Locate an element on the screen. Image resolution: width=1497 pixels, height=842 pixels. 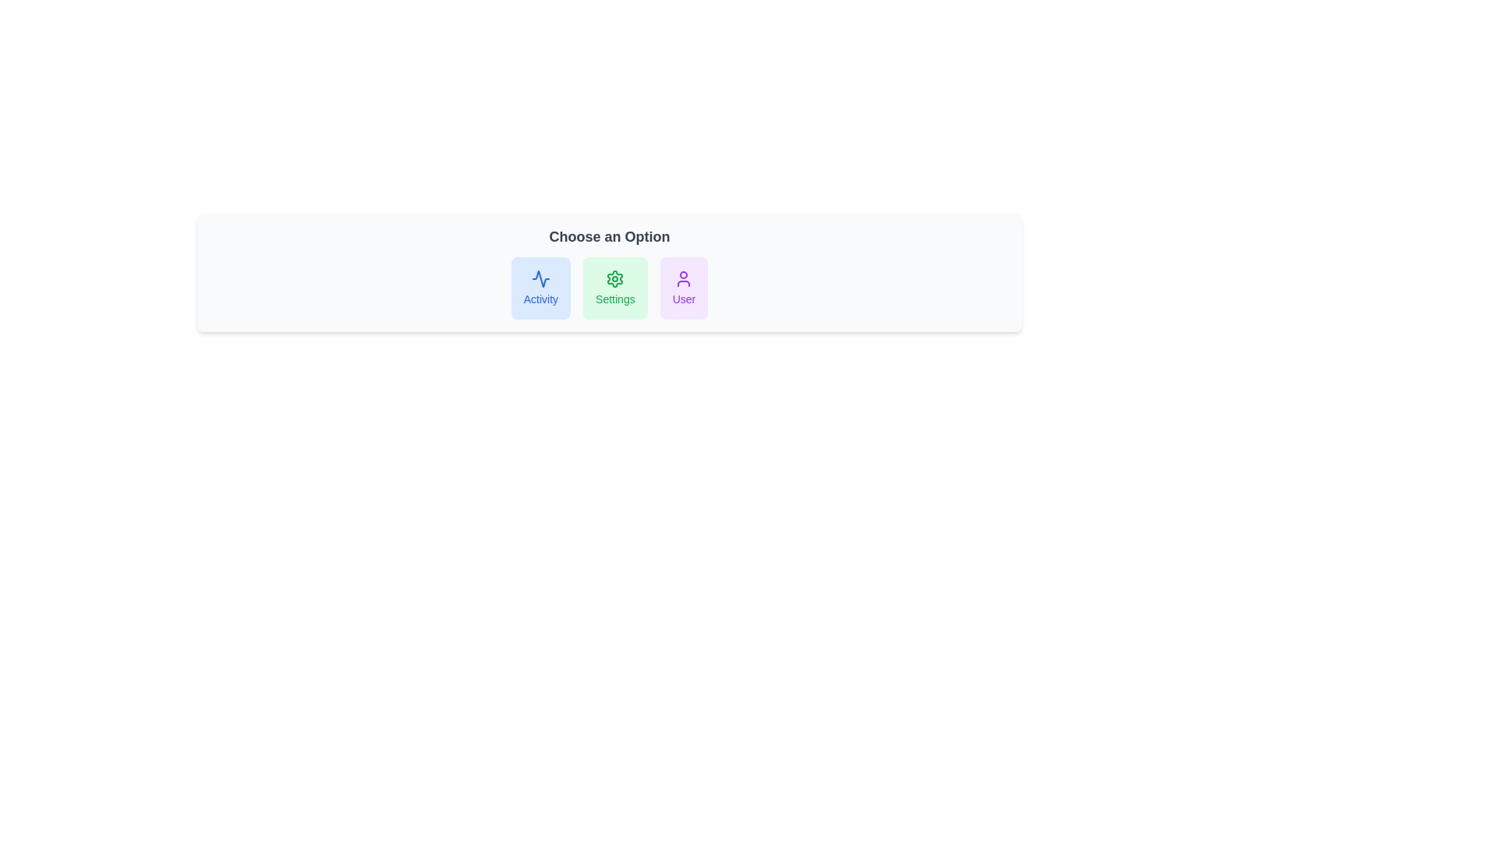
the SVG Icon representing a user or profile, located at the top part of the 'User' button, which is the third button in a horizontal row beneath the heading 'Choose an Option.' is located at coordinates (684, 278).